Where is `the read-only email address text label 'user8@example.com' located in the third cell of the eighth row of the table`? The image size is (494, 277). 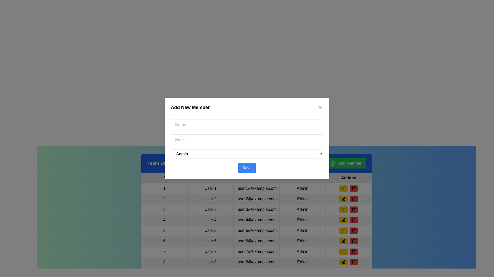
the read-only email address text label 'user8@example.com' located in the third cell of the eighth row of the table is located at coordinates (257, 262).